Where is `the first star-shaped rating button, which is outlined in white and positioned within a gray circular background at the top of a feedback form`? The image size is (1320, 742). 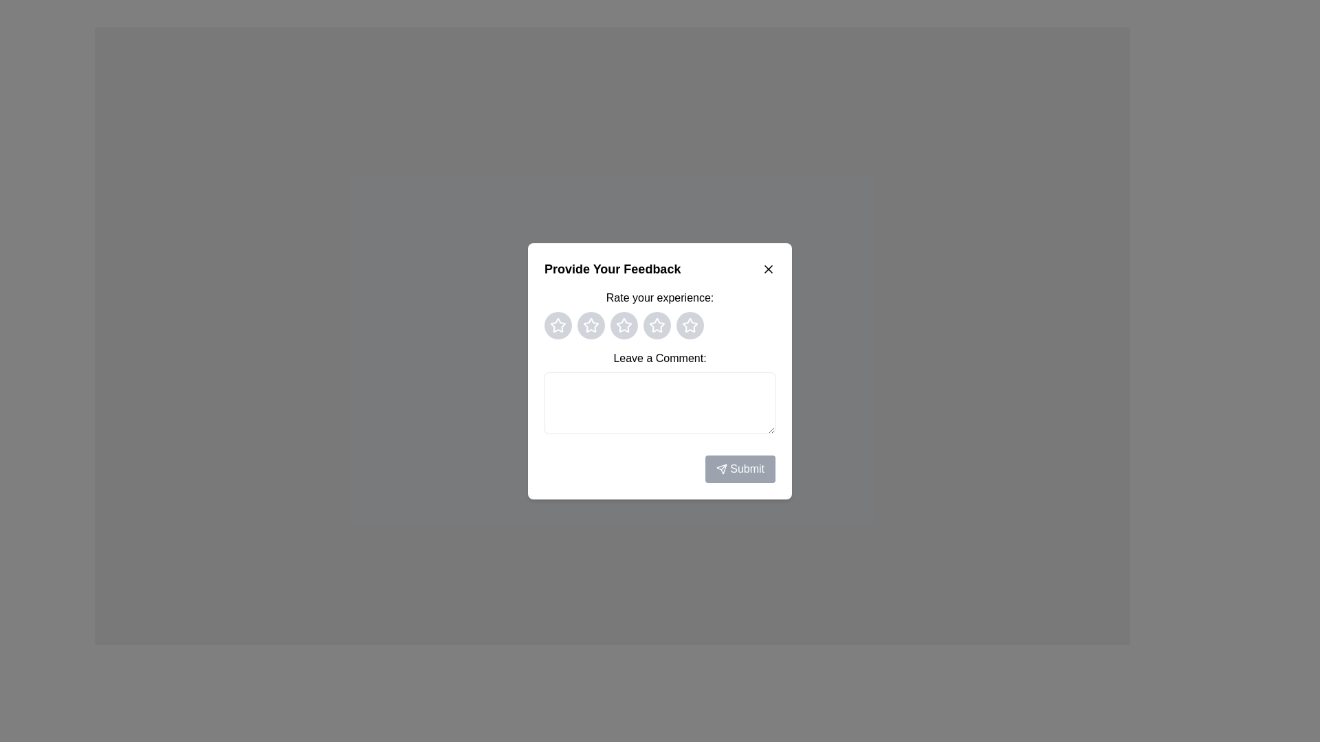 the first star-shaped rating button, which is outlined in white and positioned within a gray circular background at the top of a feedback form is located at coordinates (558, 325).